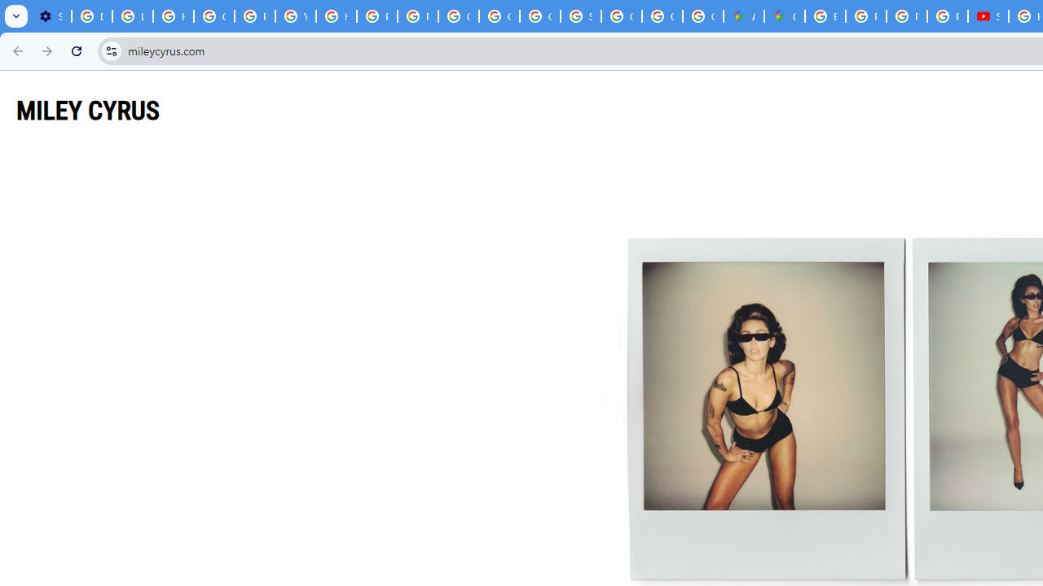 The width and height of the screenshot is (1043, 586). Describe the element at coordinates (133, 16) in the screenshot. I see `'Learn how to find your photos - Google Photos Help'` at that location.